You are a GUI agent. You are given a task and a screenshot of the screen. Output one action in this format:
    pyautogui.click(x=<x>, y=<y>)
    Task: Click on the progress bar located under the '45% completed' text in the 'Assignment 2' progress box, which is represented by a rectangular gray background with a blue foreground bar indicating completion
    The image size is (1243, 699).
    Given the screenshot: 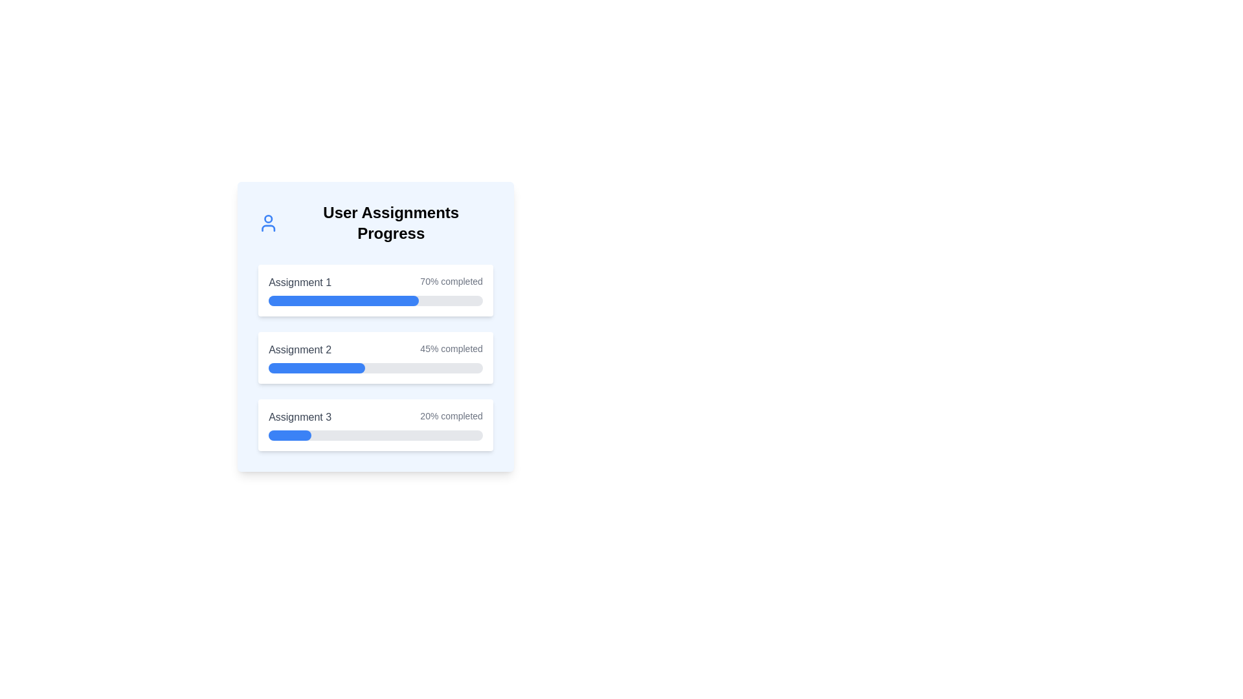 What is the action you would take?
    pyautogui.click(x=375, y=368)
    